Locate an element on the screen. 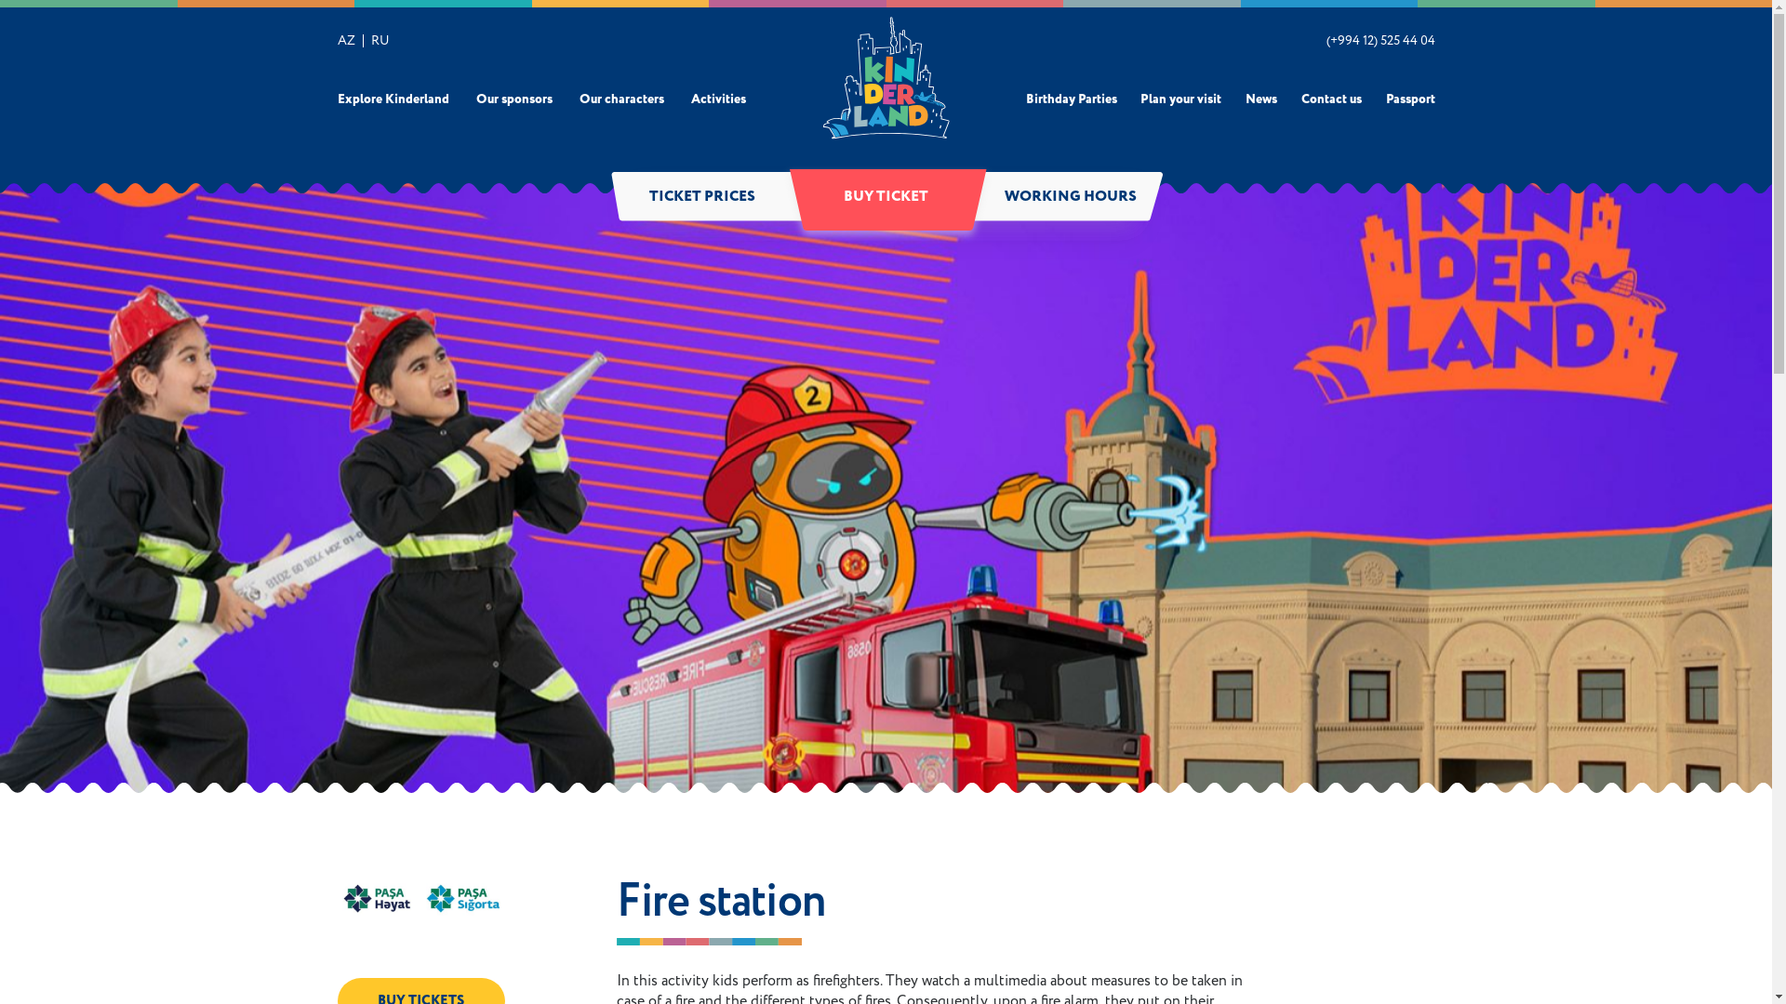 The width and height of the screenshot is (1786, 1004). '(+994 12) 525 44 04' is located at coordinates (1380, 40).